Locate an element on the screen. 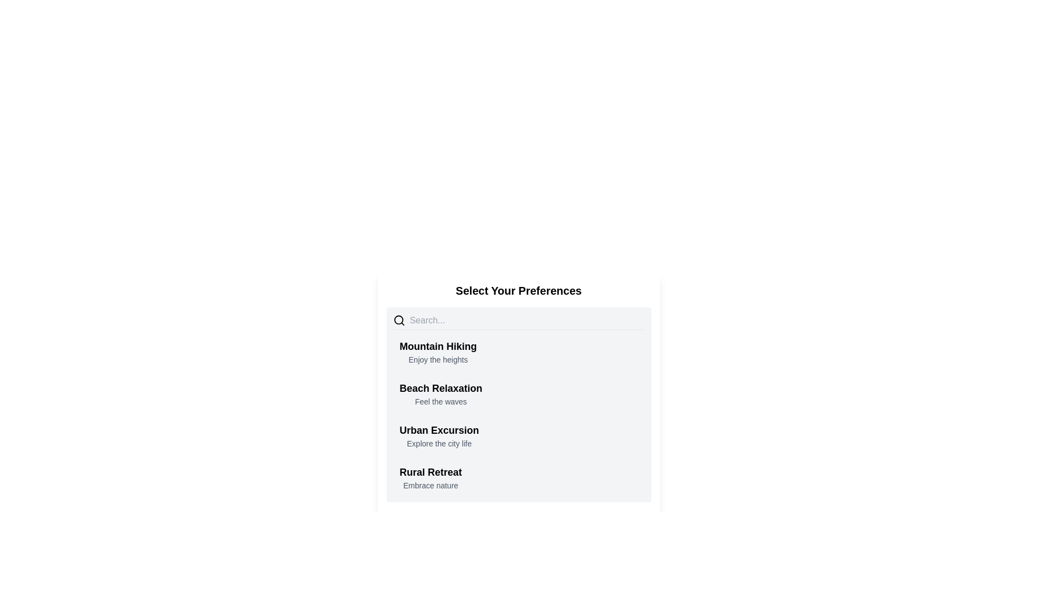  the list item 'Urban Excursion' is located at coordinates (518, 435).